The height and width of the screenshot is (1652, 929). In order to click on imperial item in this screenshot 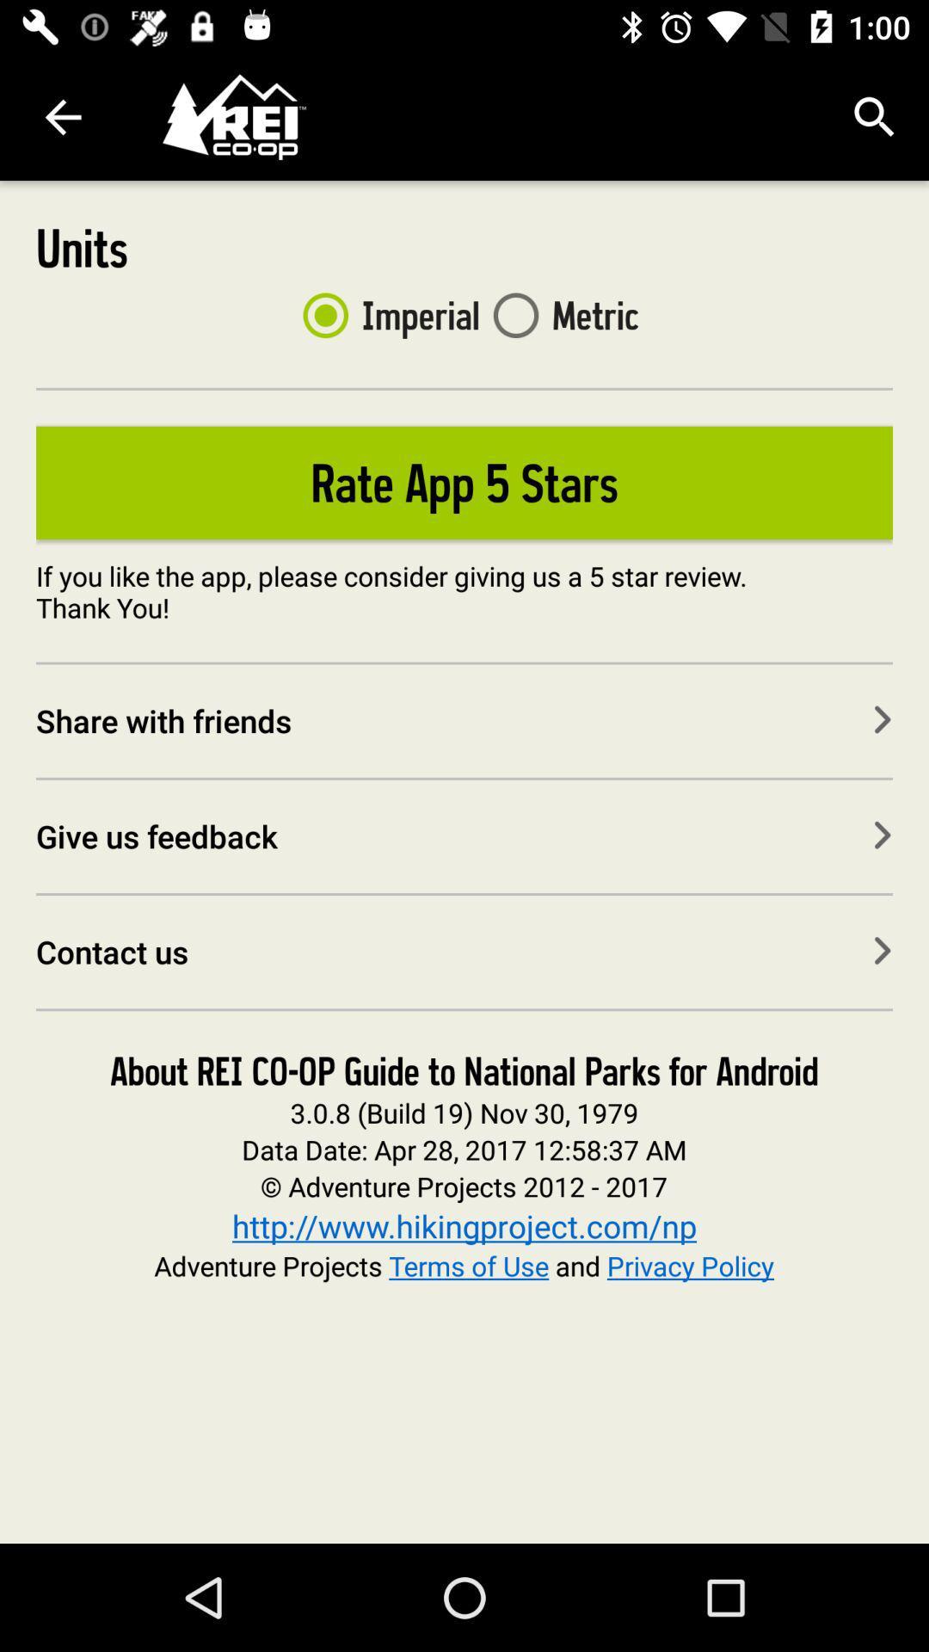, I will do `click(384, 315)`.